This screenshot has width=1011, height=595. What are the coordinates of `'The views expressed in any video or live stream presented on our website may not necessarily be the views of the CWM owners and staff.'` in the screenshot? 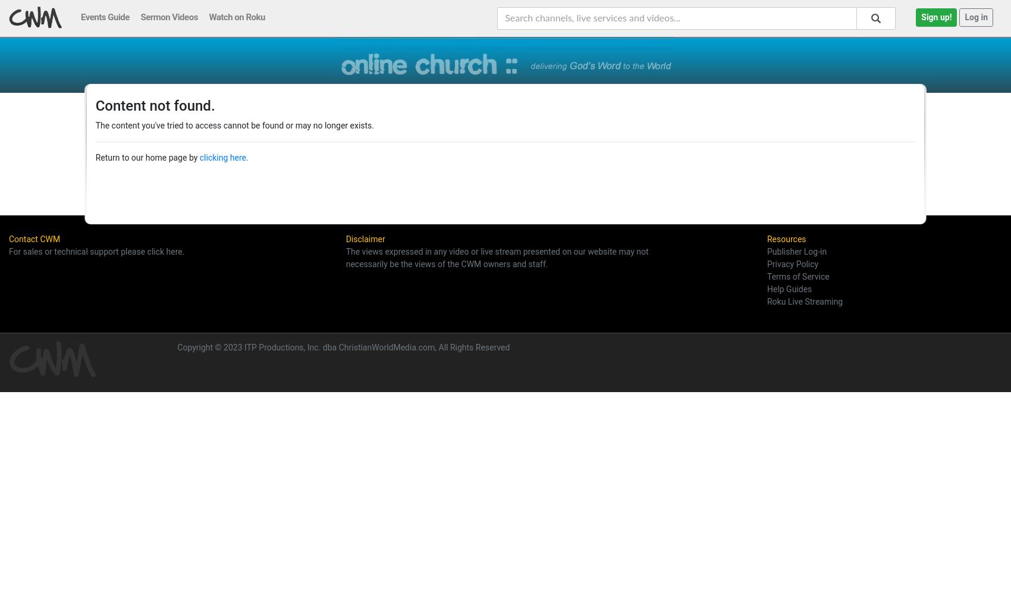 It's located at (345, 258).